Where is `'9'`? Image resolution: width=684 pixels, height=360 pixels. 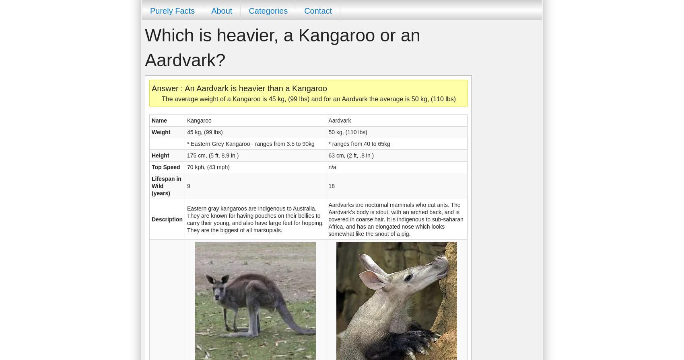 '9' is located at coordinates (188, 186).